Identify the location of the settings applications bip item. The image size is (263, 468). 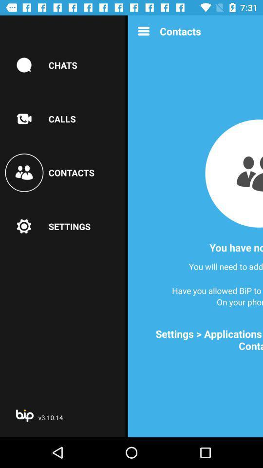
(198, 340).